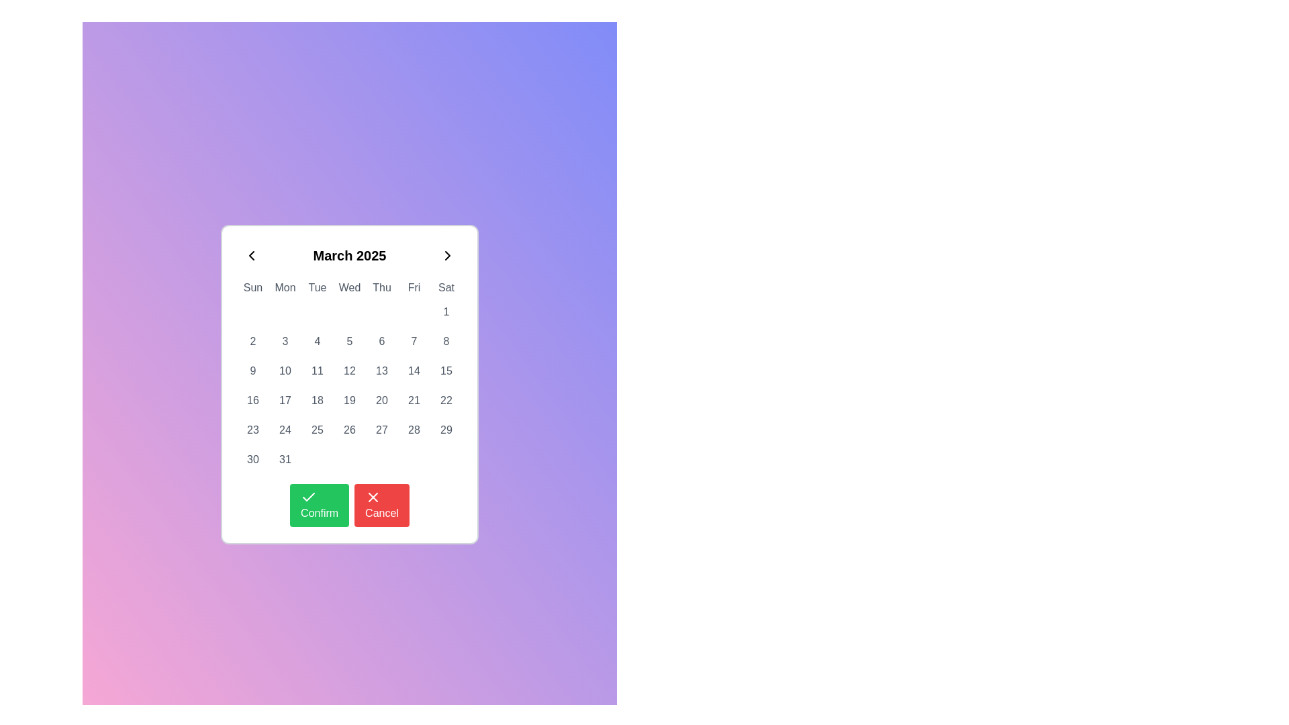  What do you see at coordinates (251, 256) in the screenshot?
I see `the navigation button located at the top left of the calendar popup interface` at bounding box center [251, 256].